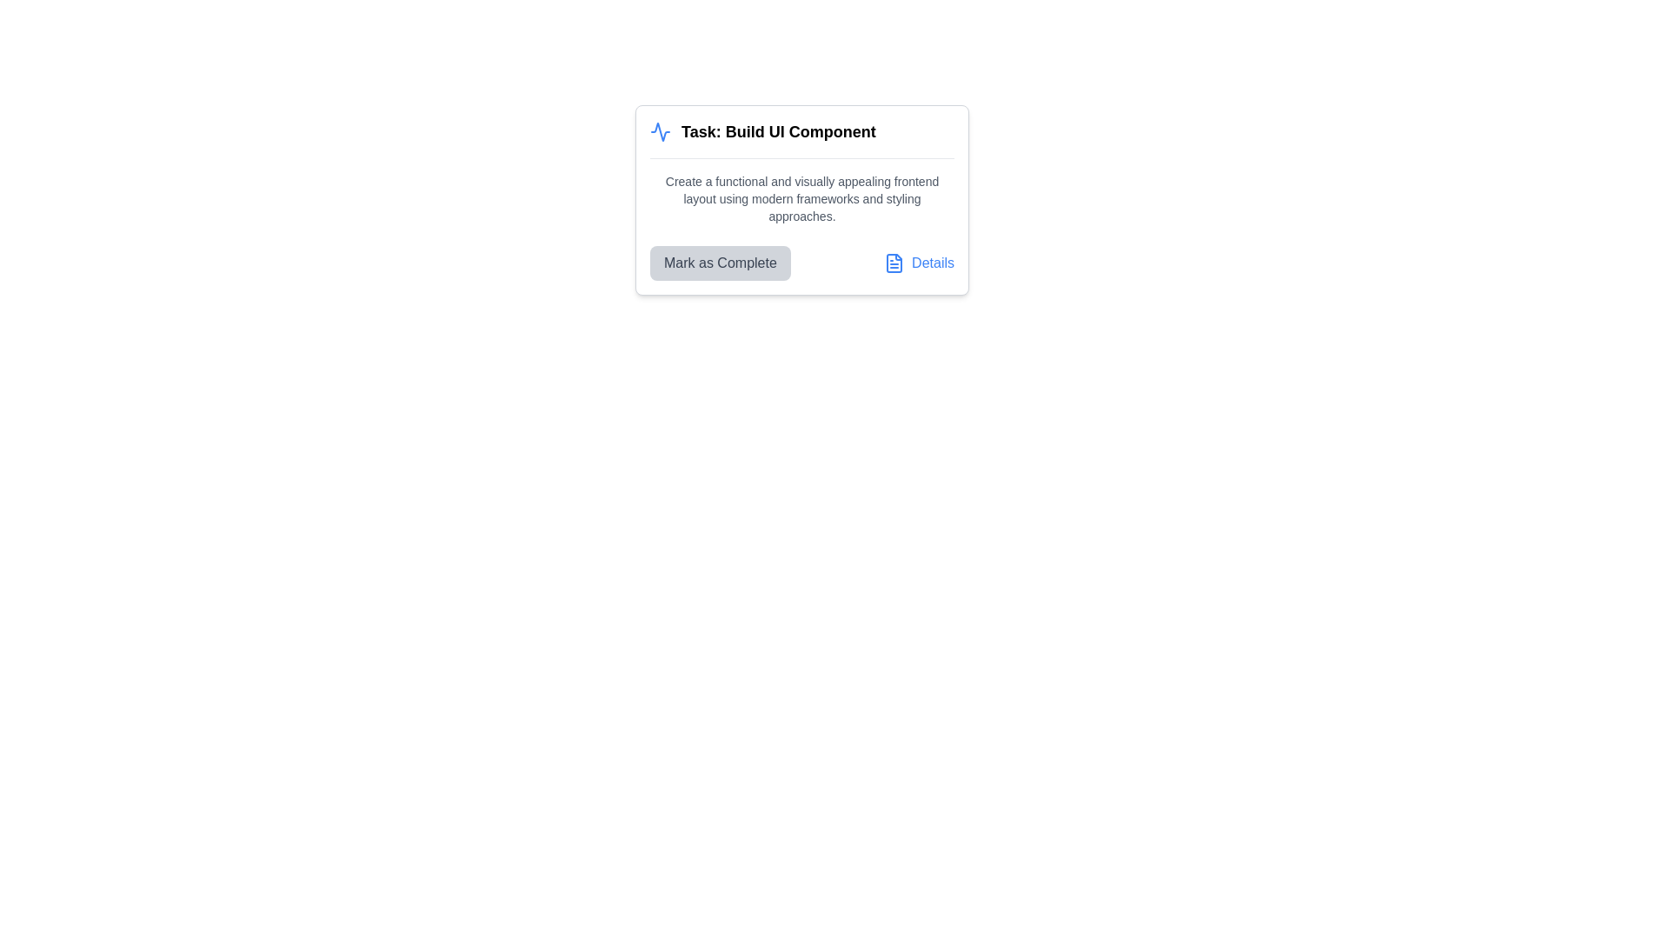 The width and height of the screenshot is (1669, 939). I want to click on the decorative icon located at the top-left corner of the task card interface, which is positioned just left of the text 'Task: Build UI Component', so click(659, 130).